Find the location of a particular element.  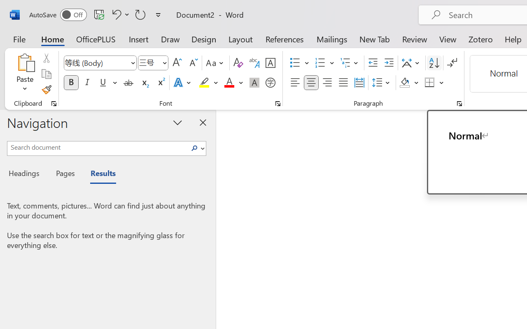

'Font Color Red' is located at coordinates (229, 83).